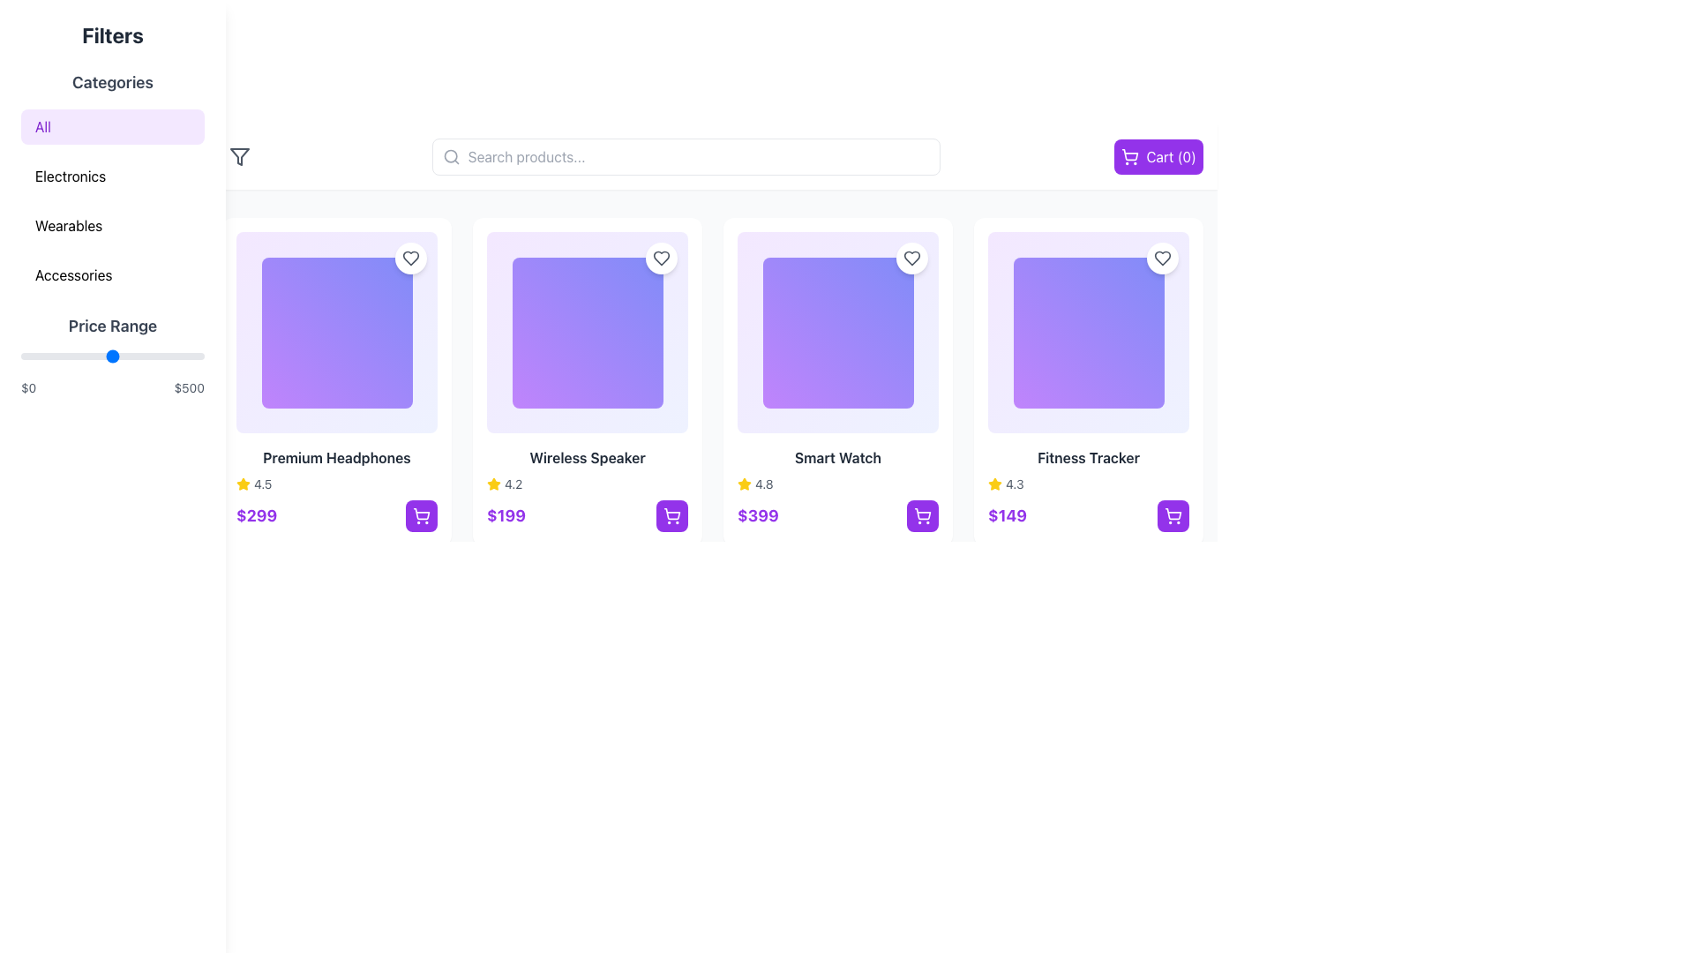 This screenshot has width=1694, height=953. I want to click on the static text displaying the dollar amount '$0', which is located to the left of the price slider control in the 'Price Range' filter section, so click(28, 386).